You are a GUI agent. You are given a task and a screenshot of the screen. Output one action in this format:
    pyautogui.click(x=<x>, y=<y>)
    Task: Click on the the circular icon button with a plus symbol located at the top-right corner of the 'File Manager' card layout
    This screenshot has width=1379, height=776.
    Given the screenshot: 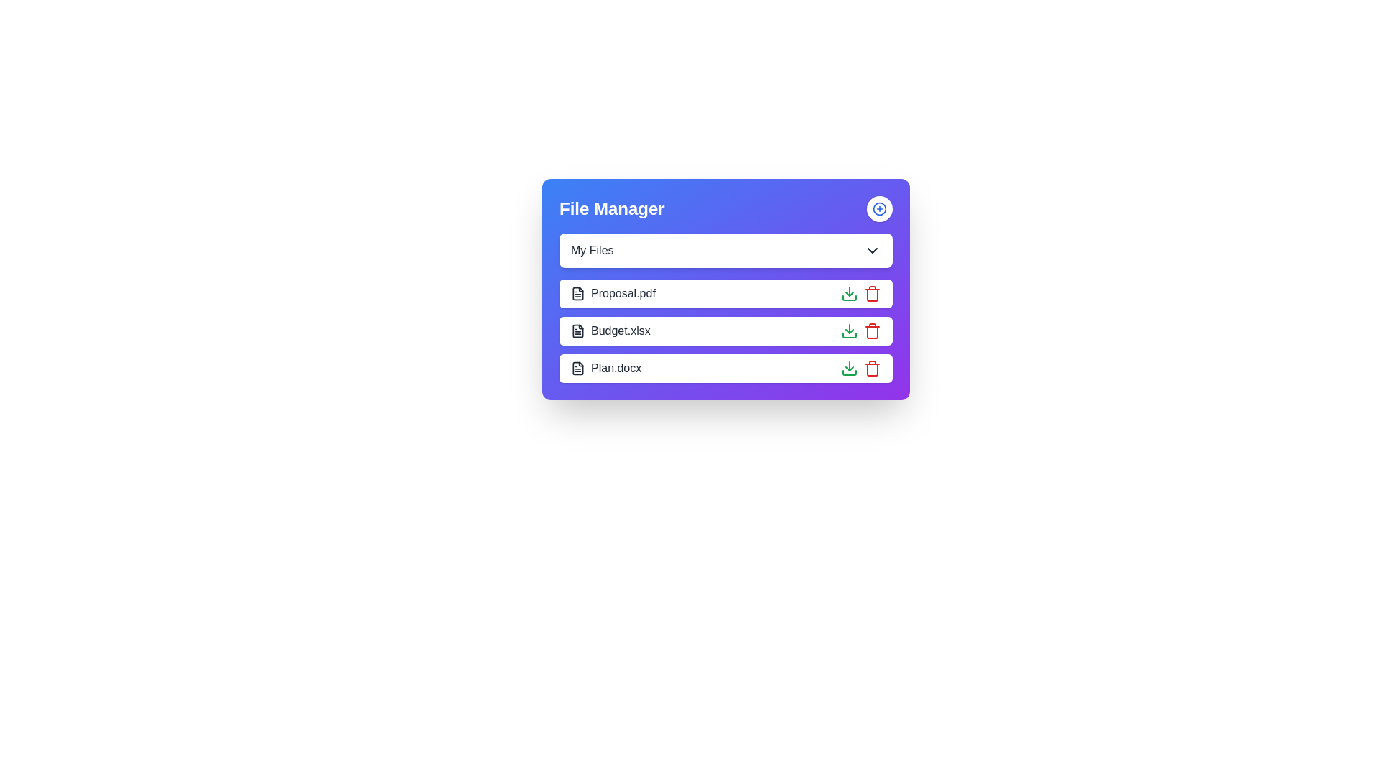 What is the action you would take?
    pyautogui.click(x=878, y=208)
    